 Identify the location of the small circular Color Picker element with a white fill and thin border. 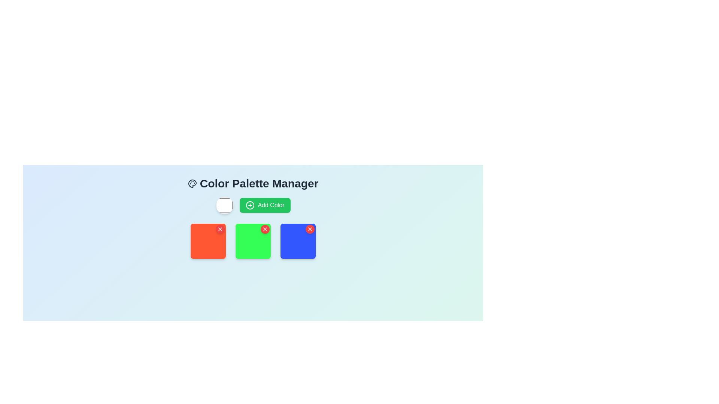
(224, 205).